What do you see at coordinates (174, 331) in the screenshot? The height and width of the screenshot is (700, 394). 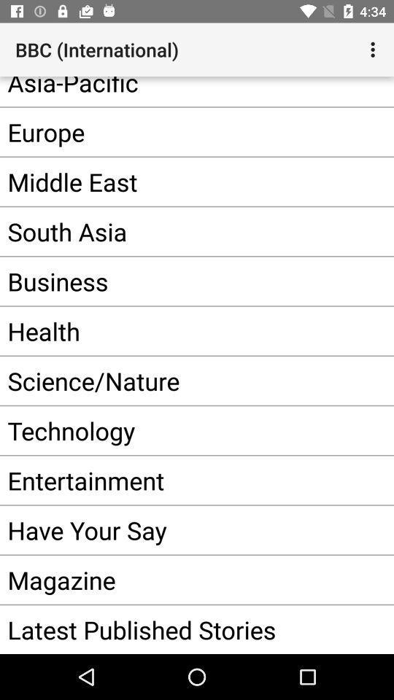 I see `the health` at bounding box center [174, 331].